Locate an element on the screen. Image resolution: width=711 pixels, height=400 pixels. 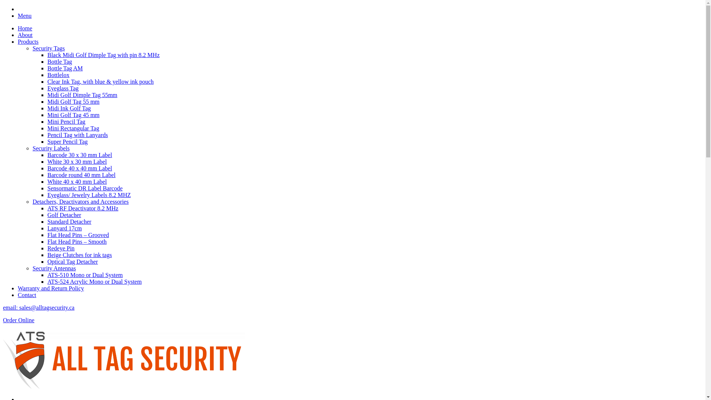
'Midi Golf Tag 55 mm' is located at coordinates (73, 101).